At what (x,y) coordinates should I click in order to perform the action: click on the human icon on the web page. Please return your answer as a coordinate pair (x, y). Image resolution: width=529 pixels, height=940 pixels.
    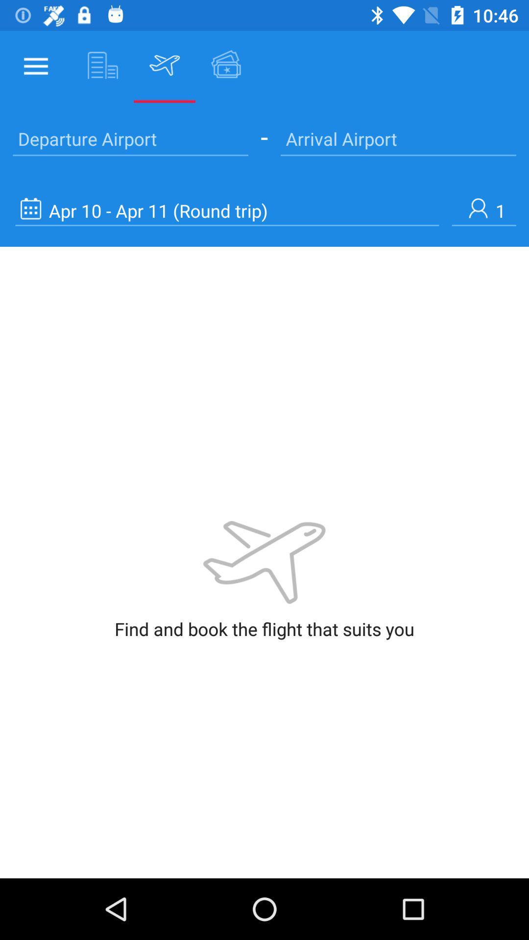
    Looking at the image, I should click on (483, 210).